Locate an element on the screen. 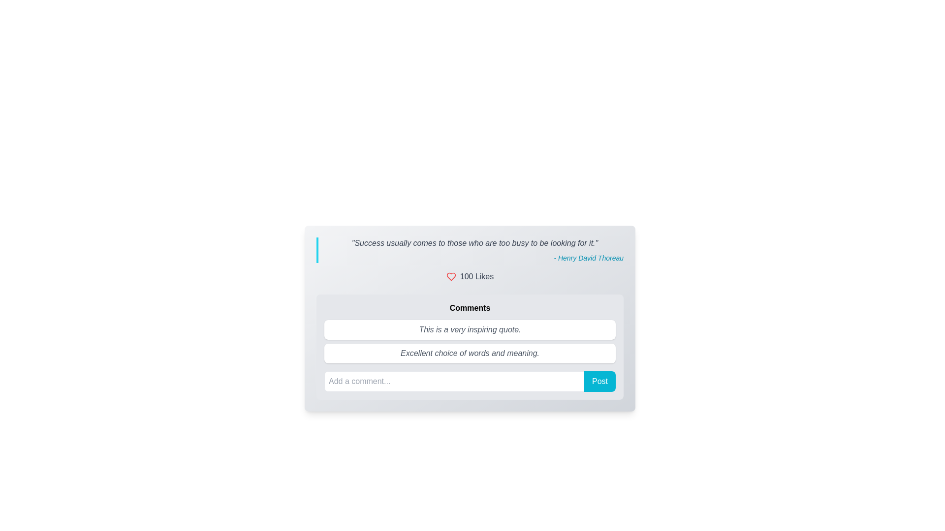 This screenshot has width=945, height=531. the static text display containing the quote 'This is a very inspiring quote.' and the phrase 'Excellent choice of words and meaning.', which is styled in italics and positioned below the 'Comments' header is located at coordinates (470, 341).